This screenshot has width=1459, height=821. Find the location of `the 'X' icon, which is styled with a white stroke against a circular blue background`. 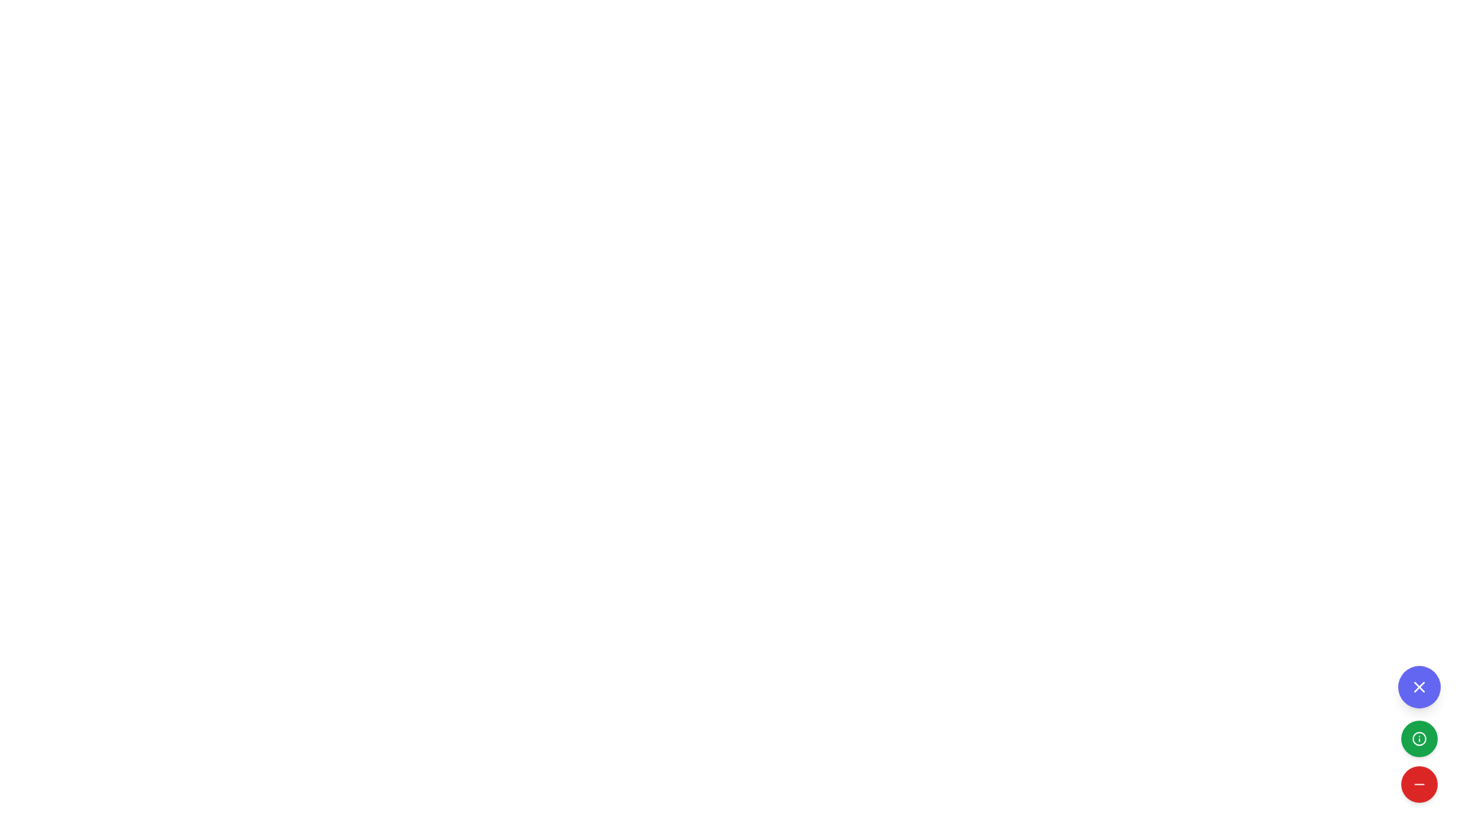

the 'X' icon, which is styled with a white stroke against a circular blue background is located at coordinates (1418, 686).